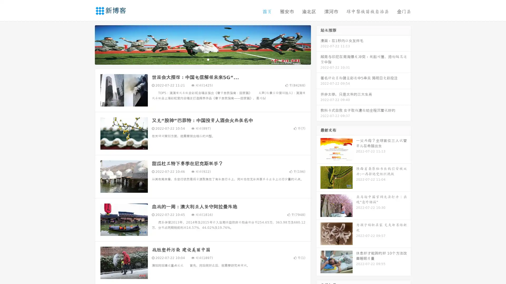  Describe the element at coordinates (208, 59) in the screenshot. I see `Go to slide 3` at that location.